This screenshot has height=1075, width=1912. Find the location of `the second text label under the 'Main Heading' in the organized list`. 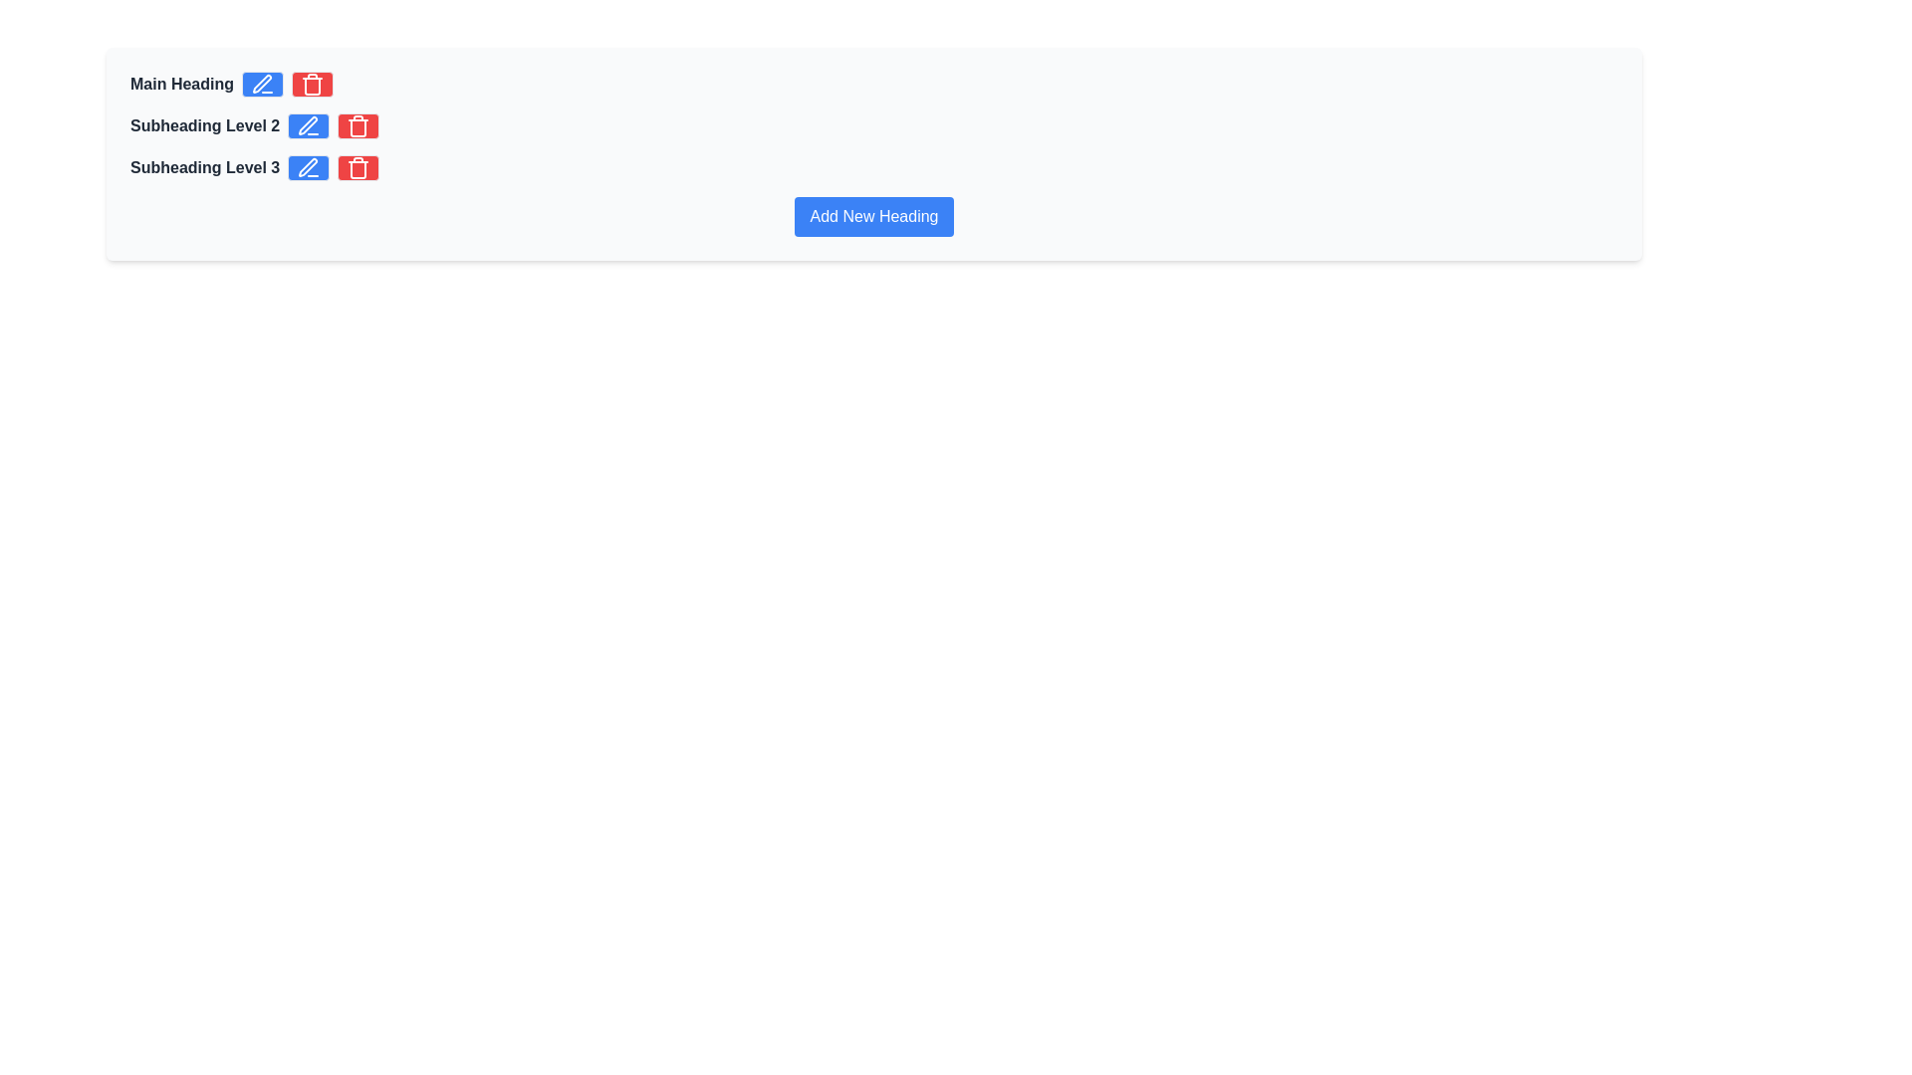

the second text label under the 'Main Heading' in the organized list is located at coordinates (205, 126).